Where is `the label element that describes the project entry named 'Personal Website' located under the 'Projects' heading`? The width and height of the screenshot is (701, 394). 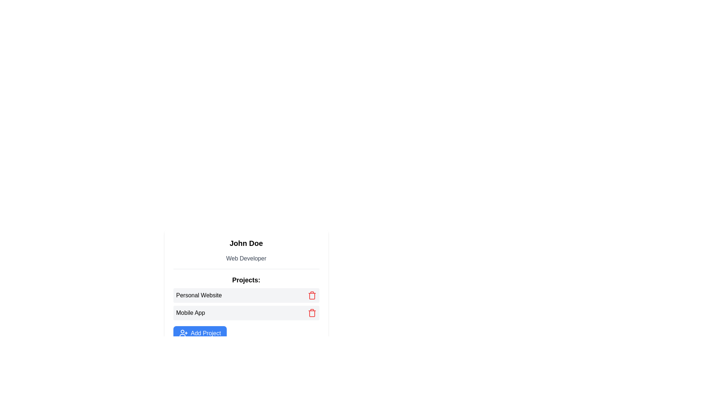 the label element that describes the project entry named 'Personal Website' located under the 'Projects' heading is located at coordinates (199, 295).